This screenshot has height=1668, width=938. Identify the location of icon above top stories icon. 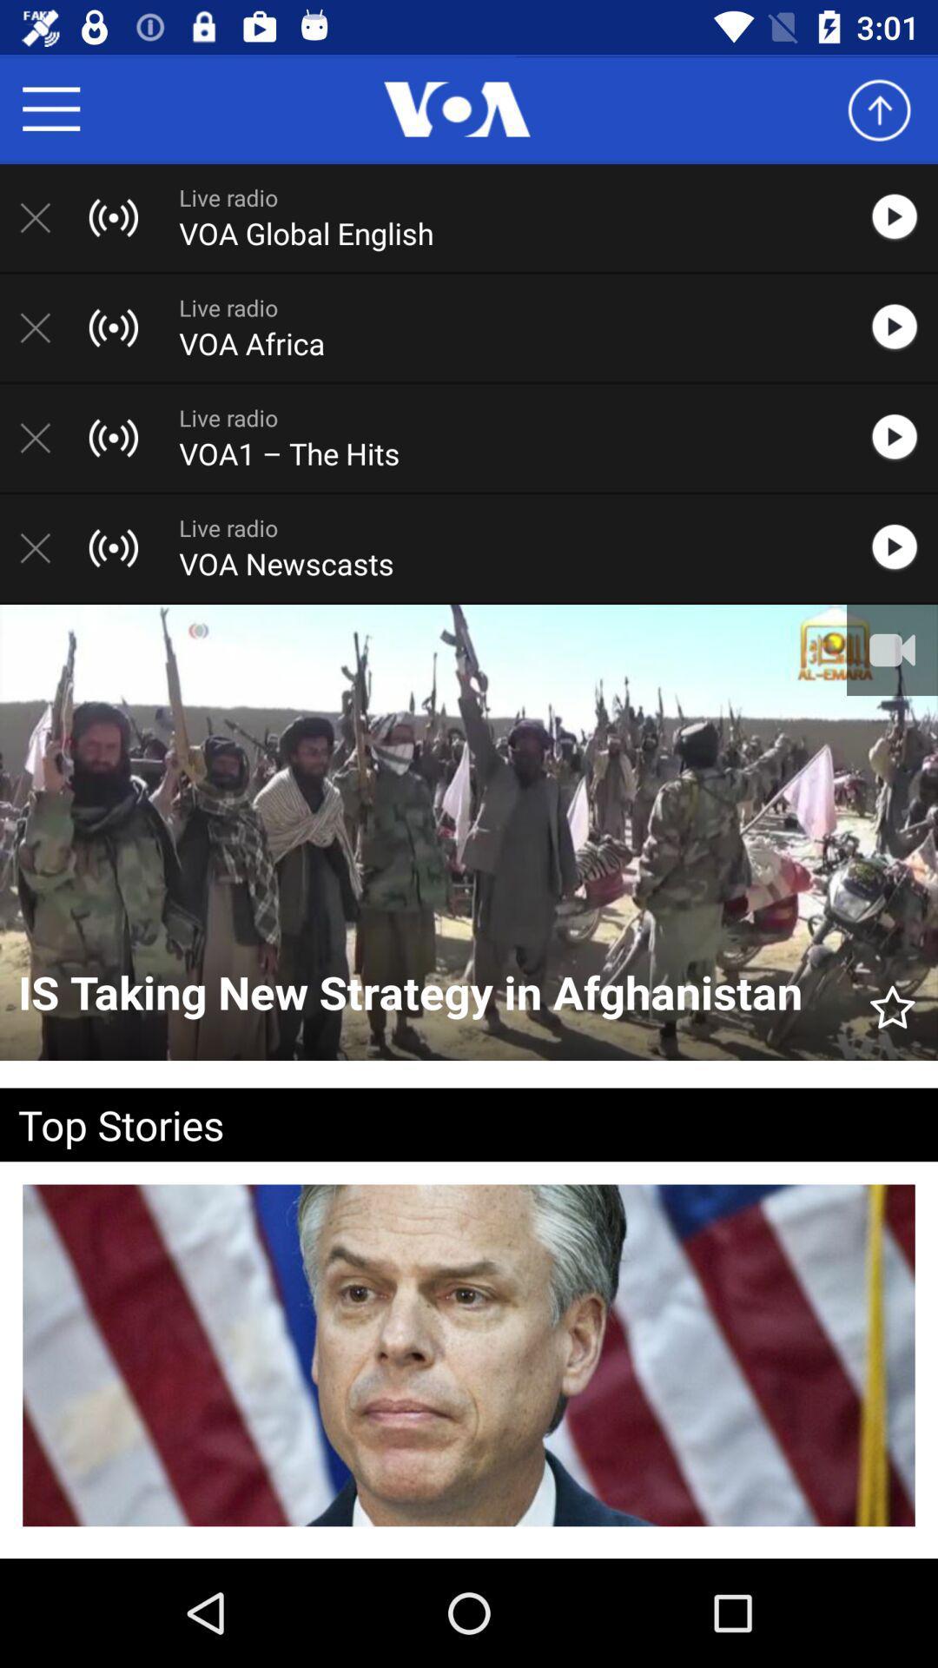
(432, 994).